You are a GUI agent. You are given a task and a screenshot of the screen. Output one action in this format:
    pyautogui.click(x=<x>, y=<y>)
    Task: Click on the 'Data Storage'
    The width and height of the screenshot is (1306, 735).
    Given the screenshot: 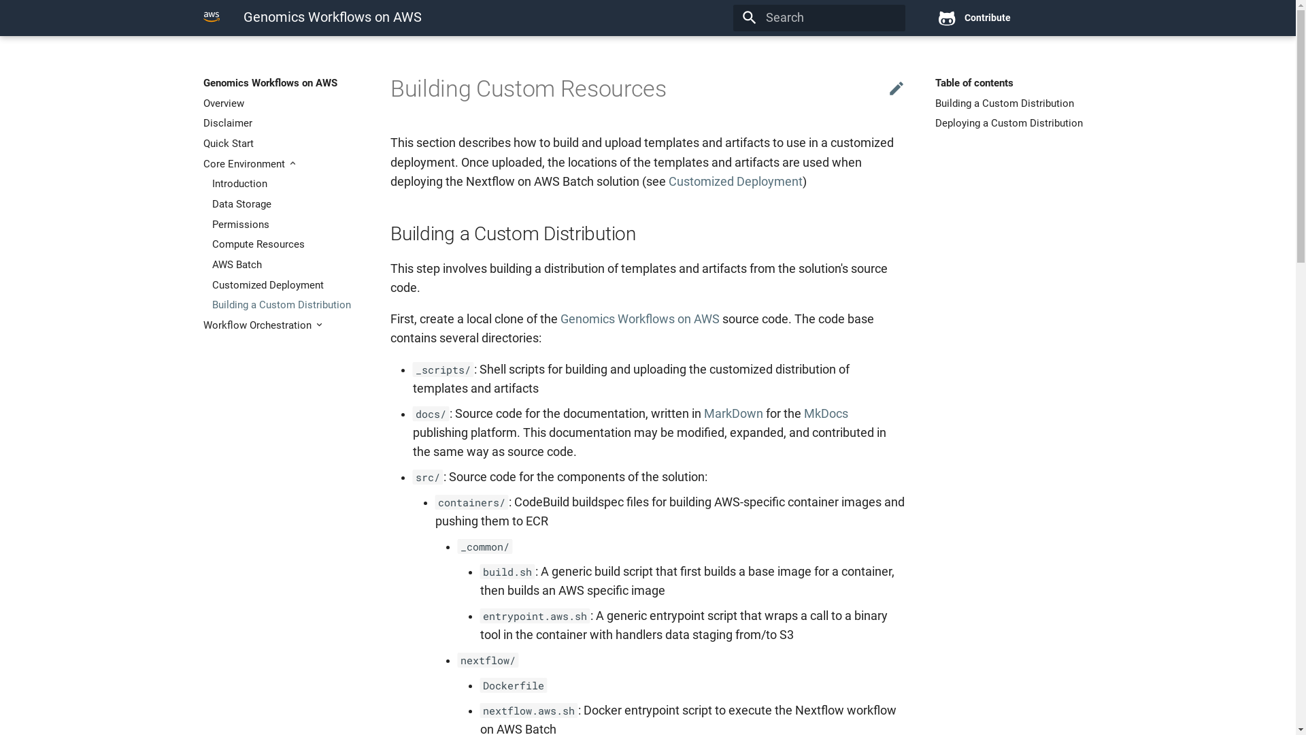 What is the action you would take?
    pyautogui.click(x=212, y=204)
    